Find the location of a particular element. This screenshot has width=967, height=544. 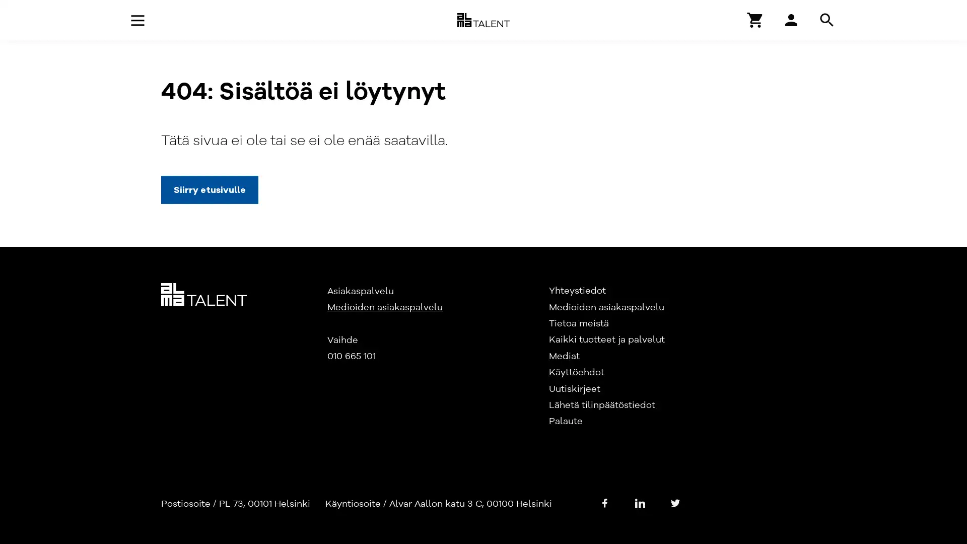

Hae is located at coordinates (826, 20).